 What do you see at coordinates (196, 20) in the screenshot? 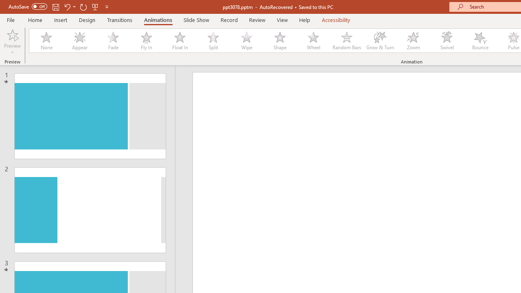
I see `'Slide Show'` at bounding box center [196, 20].